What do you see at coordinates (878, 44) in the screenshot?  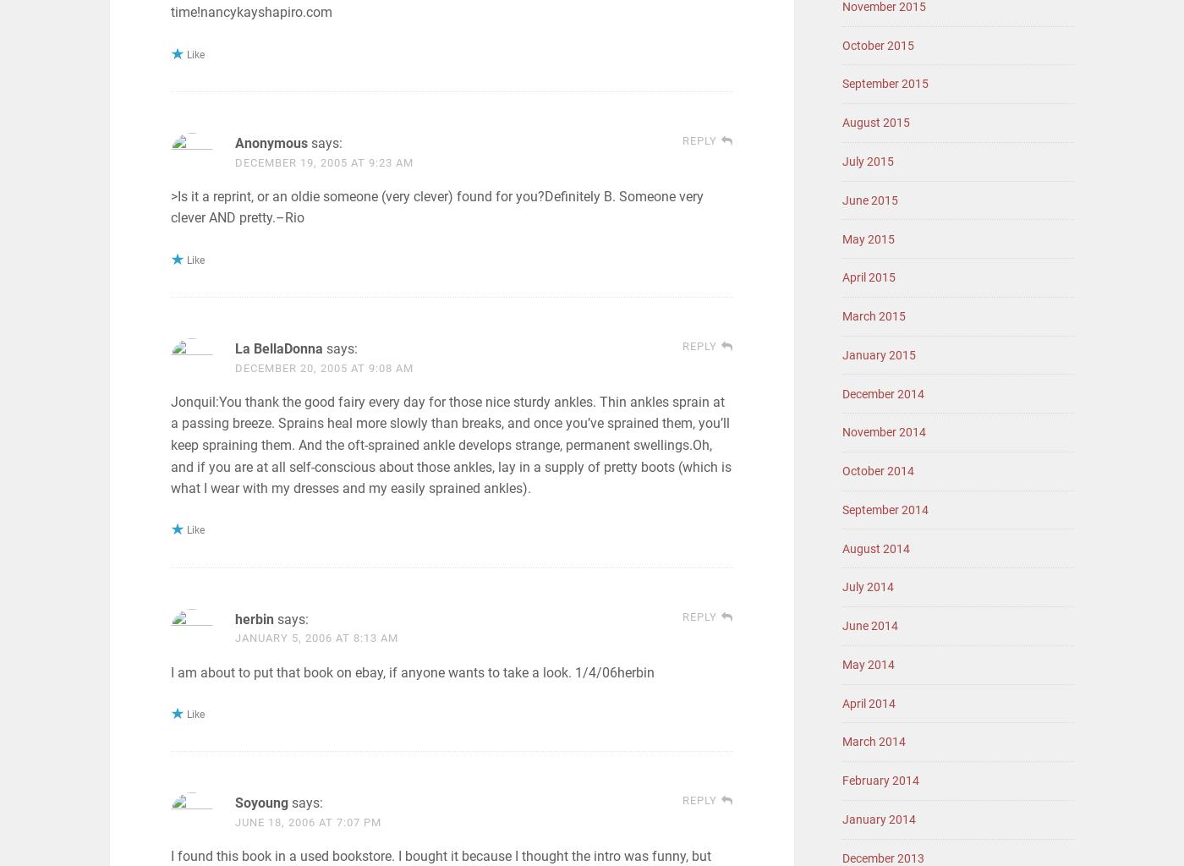 I see `'October 2015'` at bounding box center [878, 44].